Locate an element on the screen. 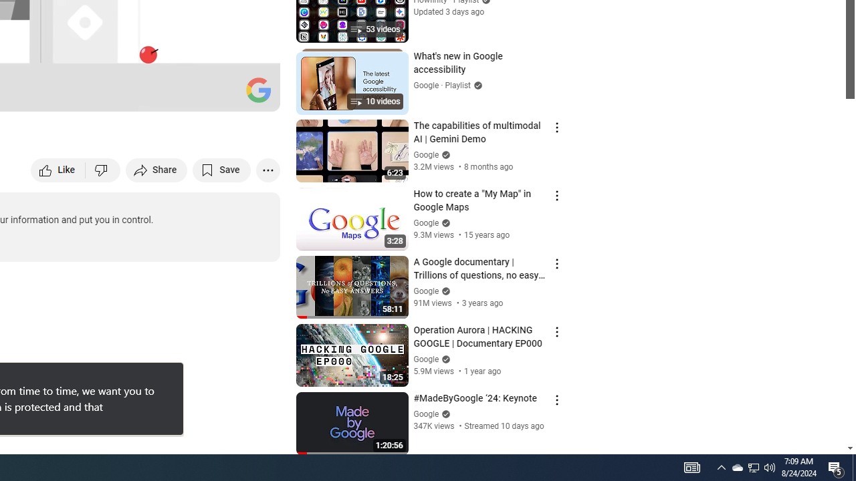 The width and height of the screenshot is (856, 481). 'More actions' is located at coordinates (267, 169).